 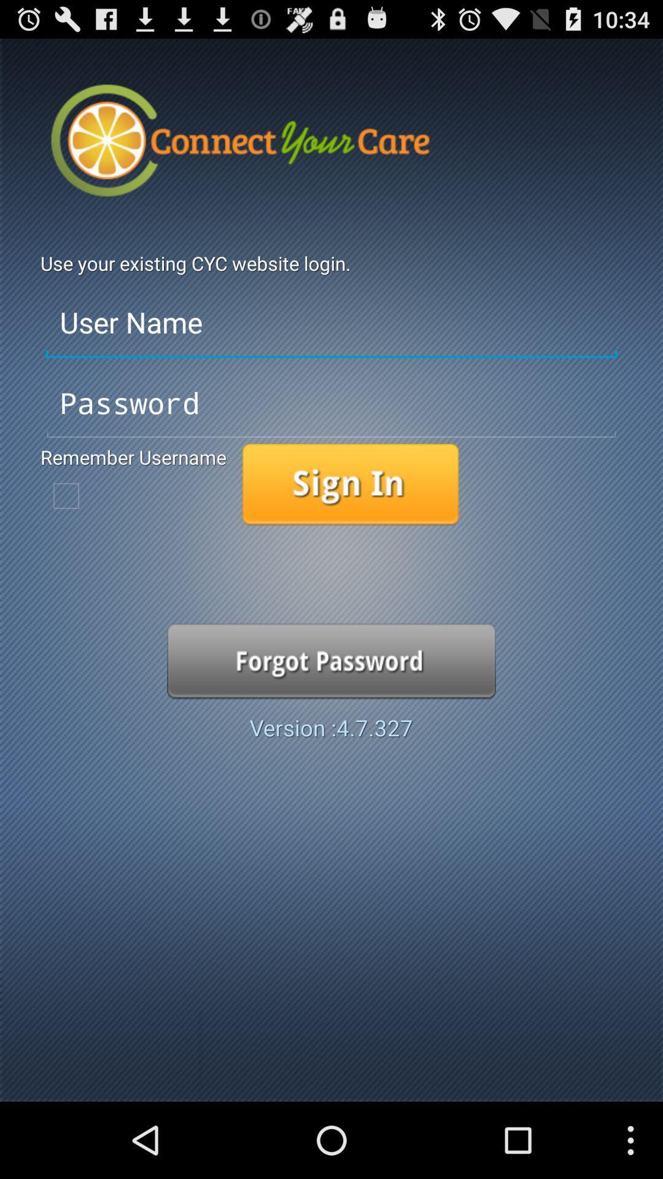 I want to click on item above the version 4 7 item, so click(x=331, y=660).